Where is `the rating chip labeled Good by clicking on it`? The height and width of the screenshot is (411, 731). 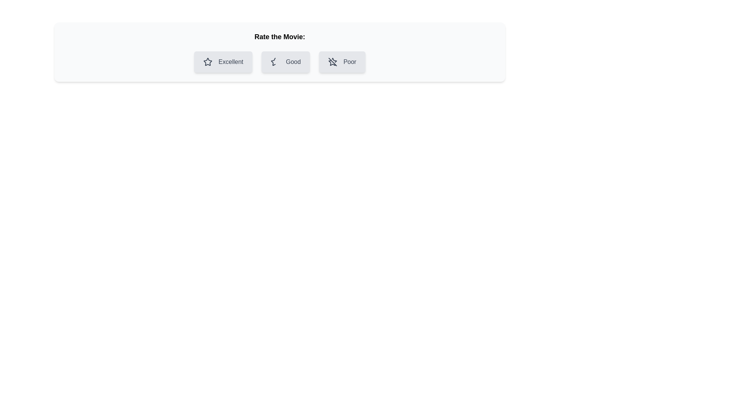
the rating chip labeled Good by clicking on it is located at coordinates (285, 61).